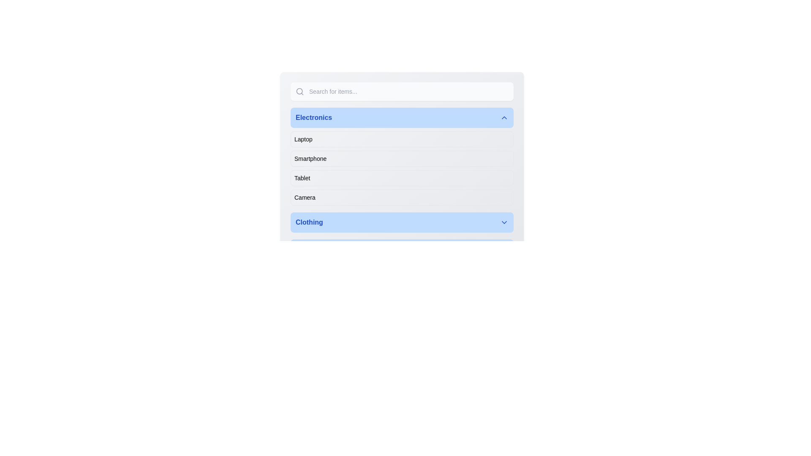 The height and width of the screenshot is (456, 811). What do you see at coordinates (504, 117) in the screenshot?
I see `the Chevron Up icon next to the 'Electronics' label` at bounding box center [504, 117].